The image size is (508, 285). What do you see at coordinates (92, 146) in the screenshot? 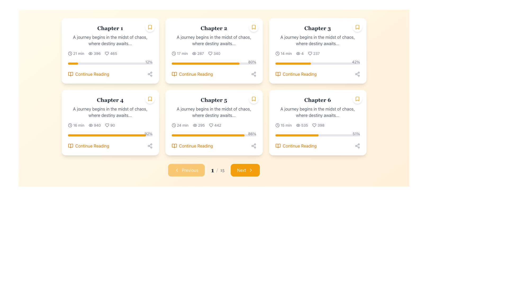
I see `the clickable text link located in the bottom section of the fourth card in the second row of a grid layout to trigger a tooltip or underline effect` at bounding box center [92, 146].